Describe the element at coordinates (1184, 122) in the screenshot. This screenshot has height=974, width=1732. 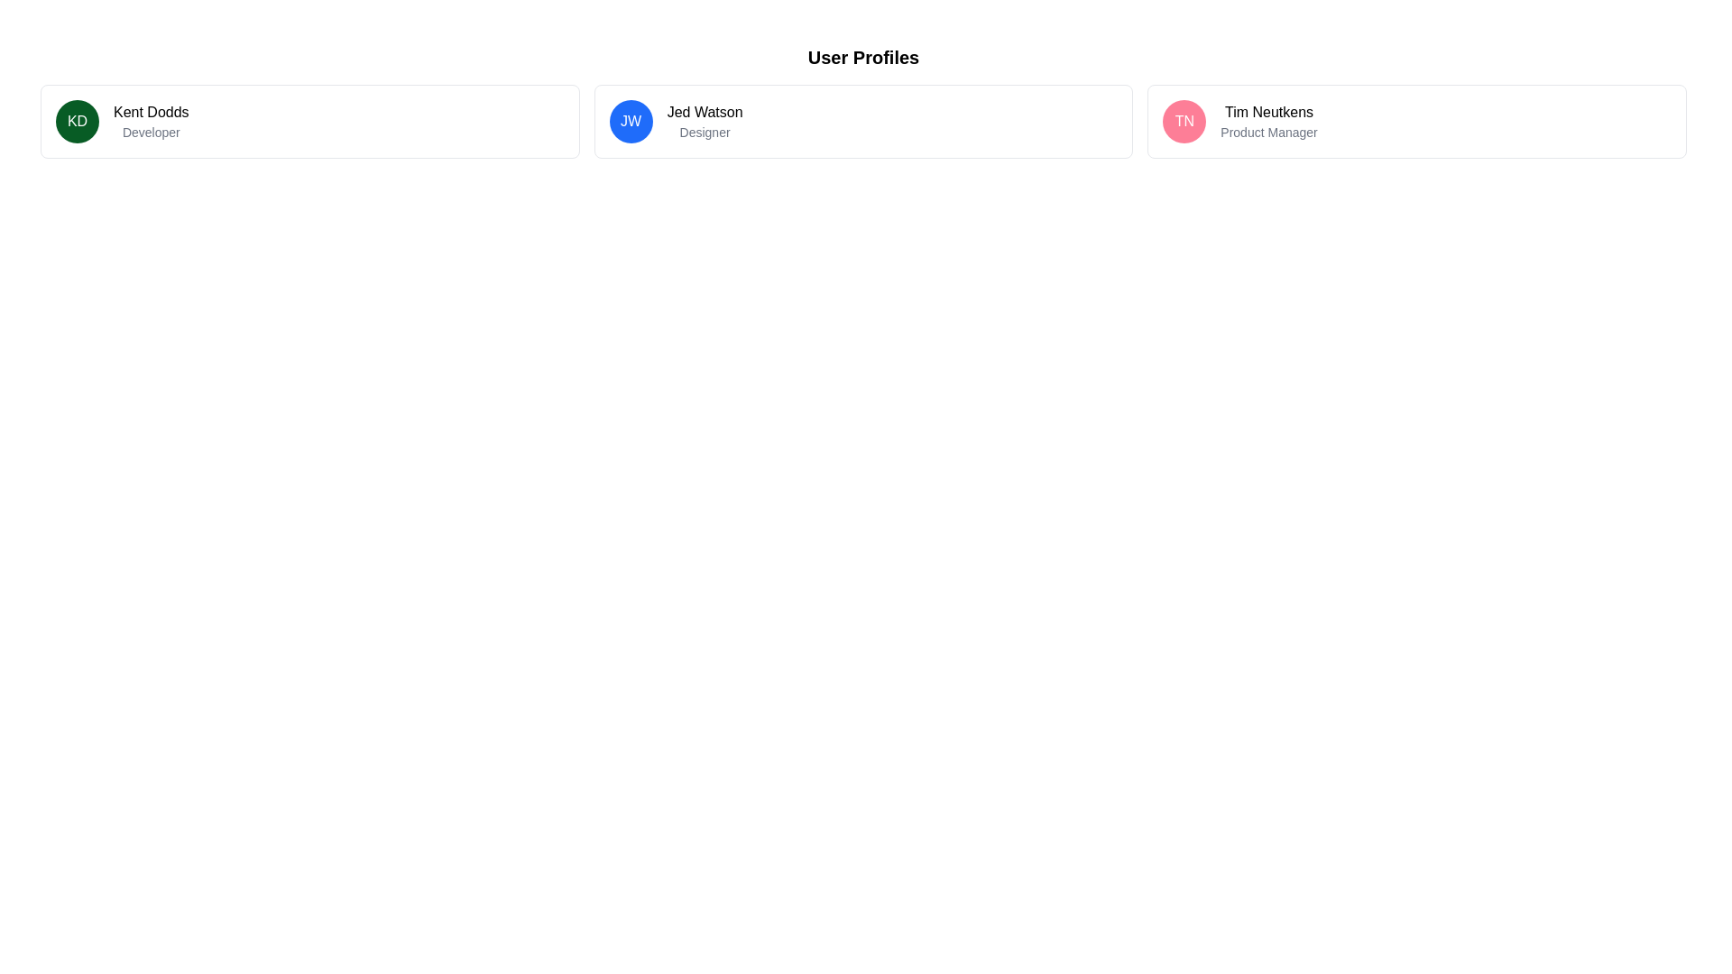
I see `the circular avatar with a pink background and white text 'TN' for more options or` at that location.